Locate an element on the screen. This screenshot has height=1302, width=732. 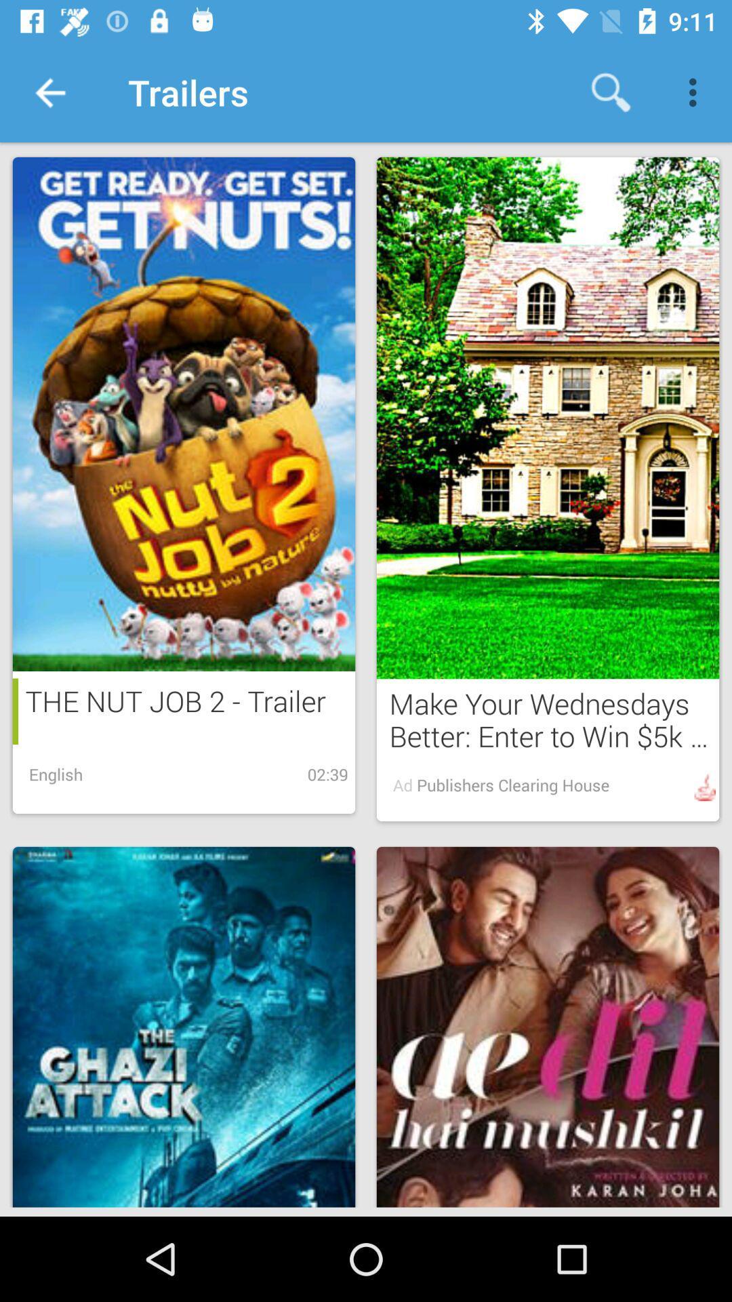
the item to the right of trailers is located at coordinates (611, 92).